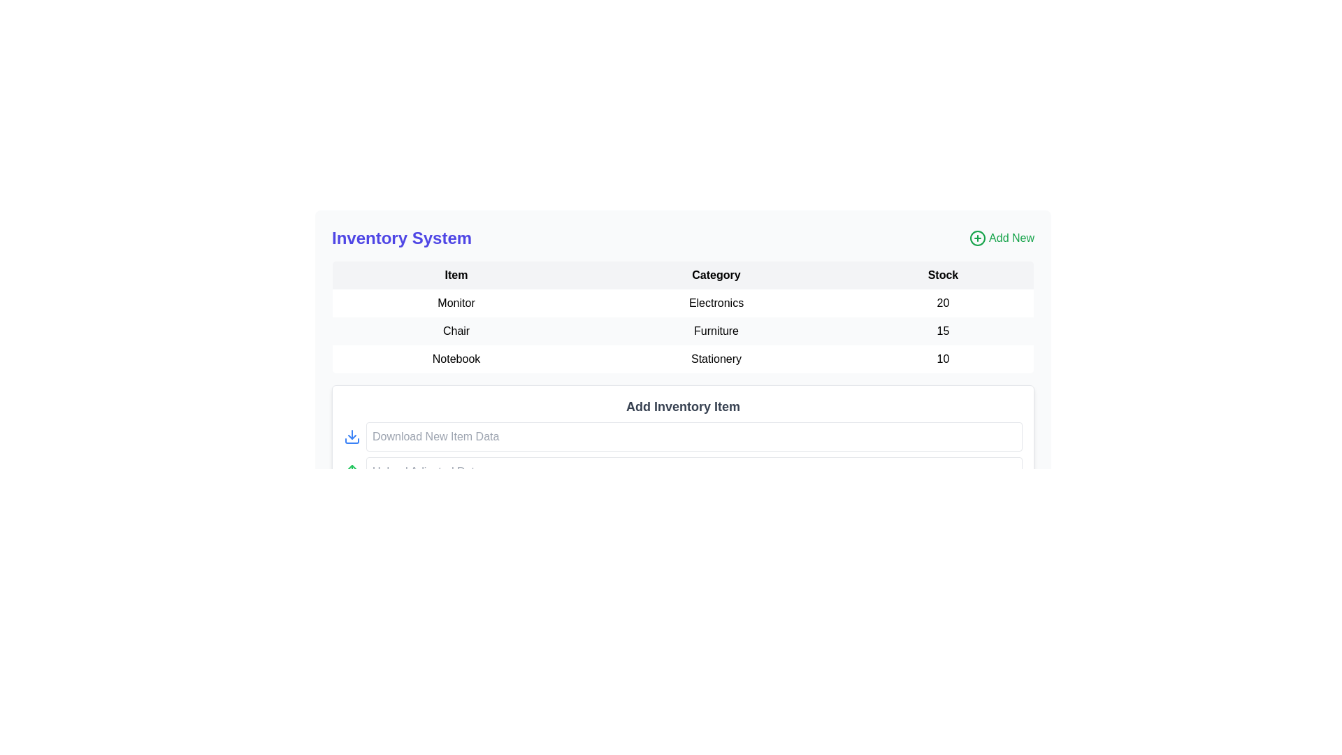  I want to click on the upload icon located near the bottom left of the 'Add Inventory Item' section, which signifies the upload capability, so click(352, 472).